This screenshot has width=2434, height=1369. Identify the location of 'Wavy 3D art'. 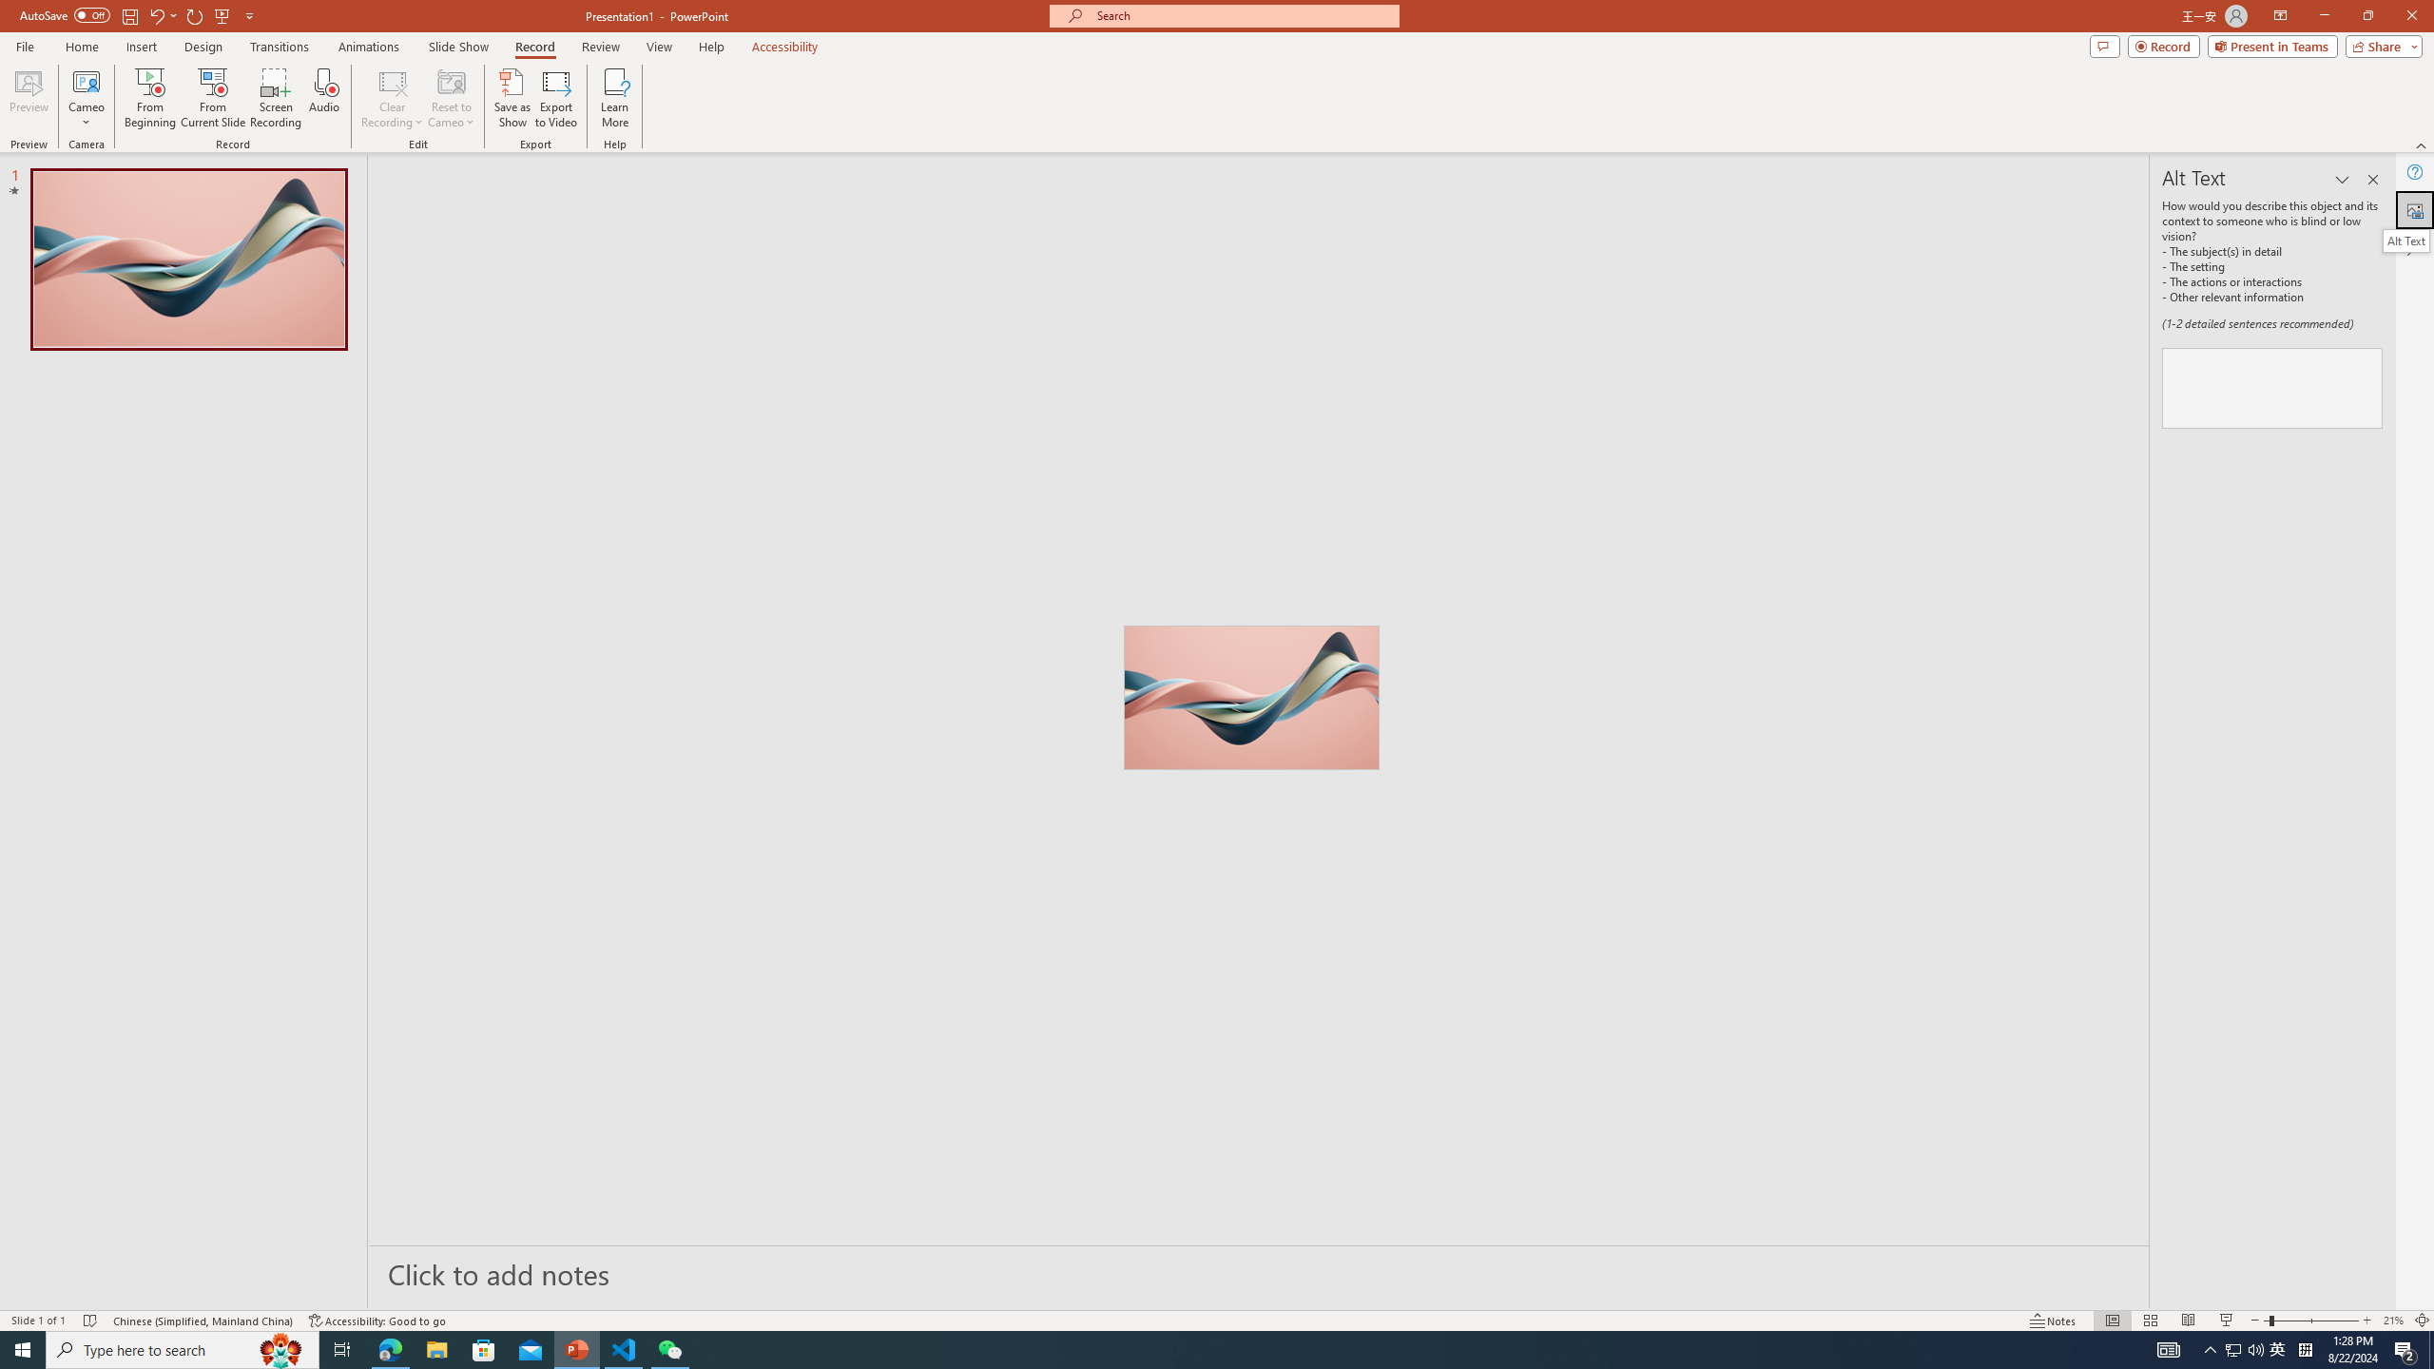
(1249, 698).